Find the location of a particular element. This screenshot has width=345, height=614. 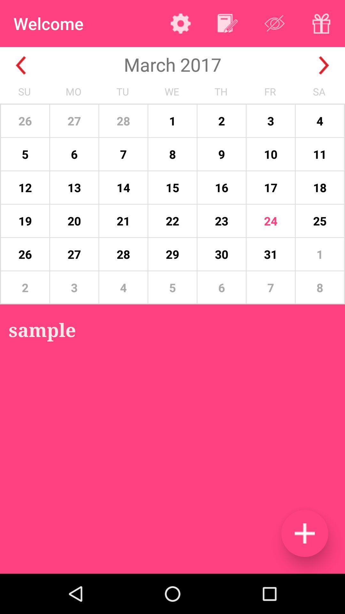

previous month is located at coordinates (20, 65).